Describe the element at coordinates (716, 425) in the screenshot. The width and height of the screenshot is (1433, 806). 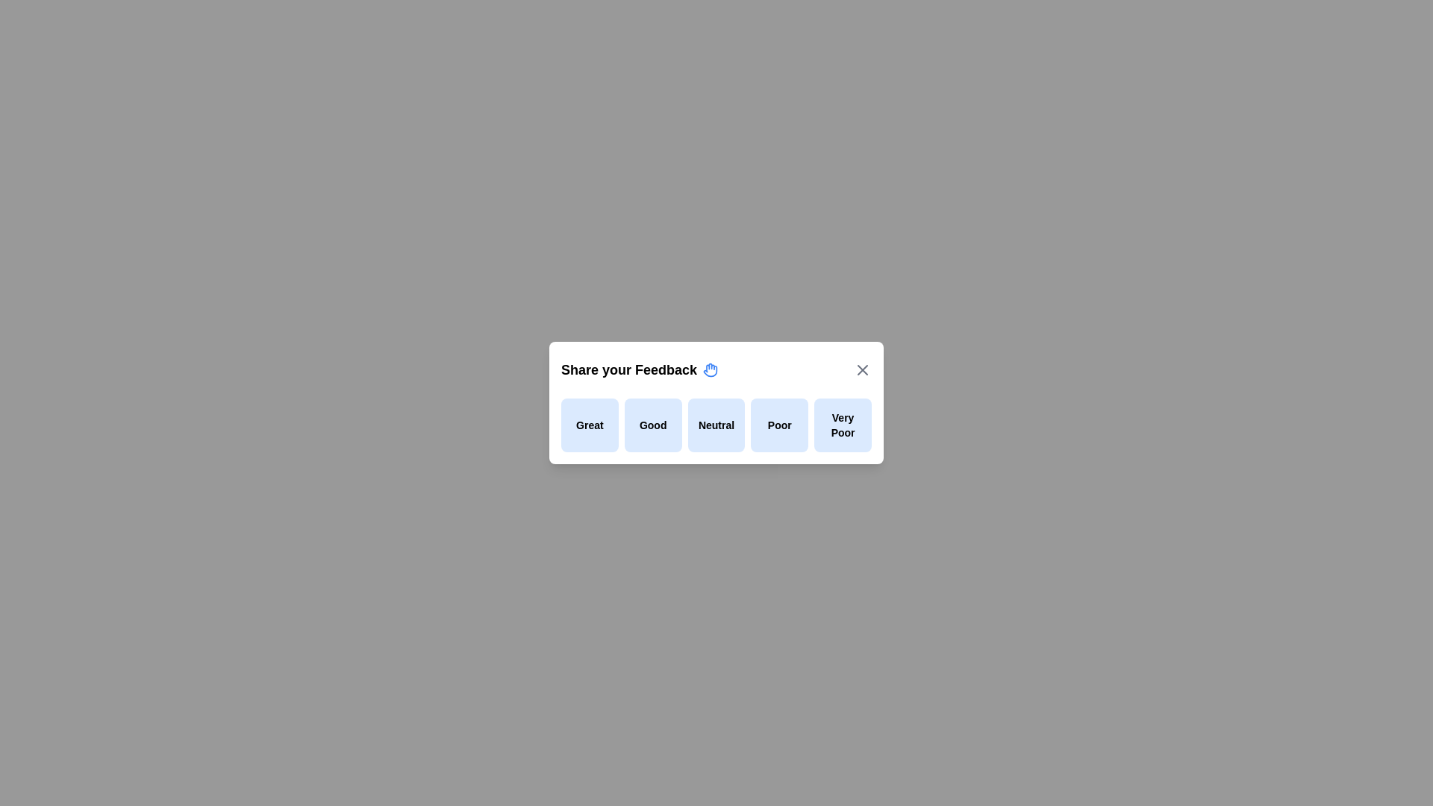
I see `the feedback option Neutral` at that location.